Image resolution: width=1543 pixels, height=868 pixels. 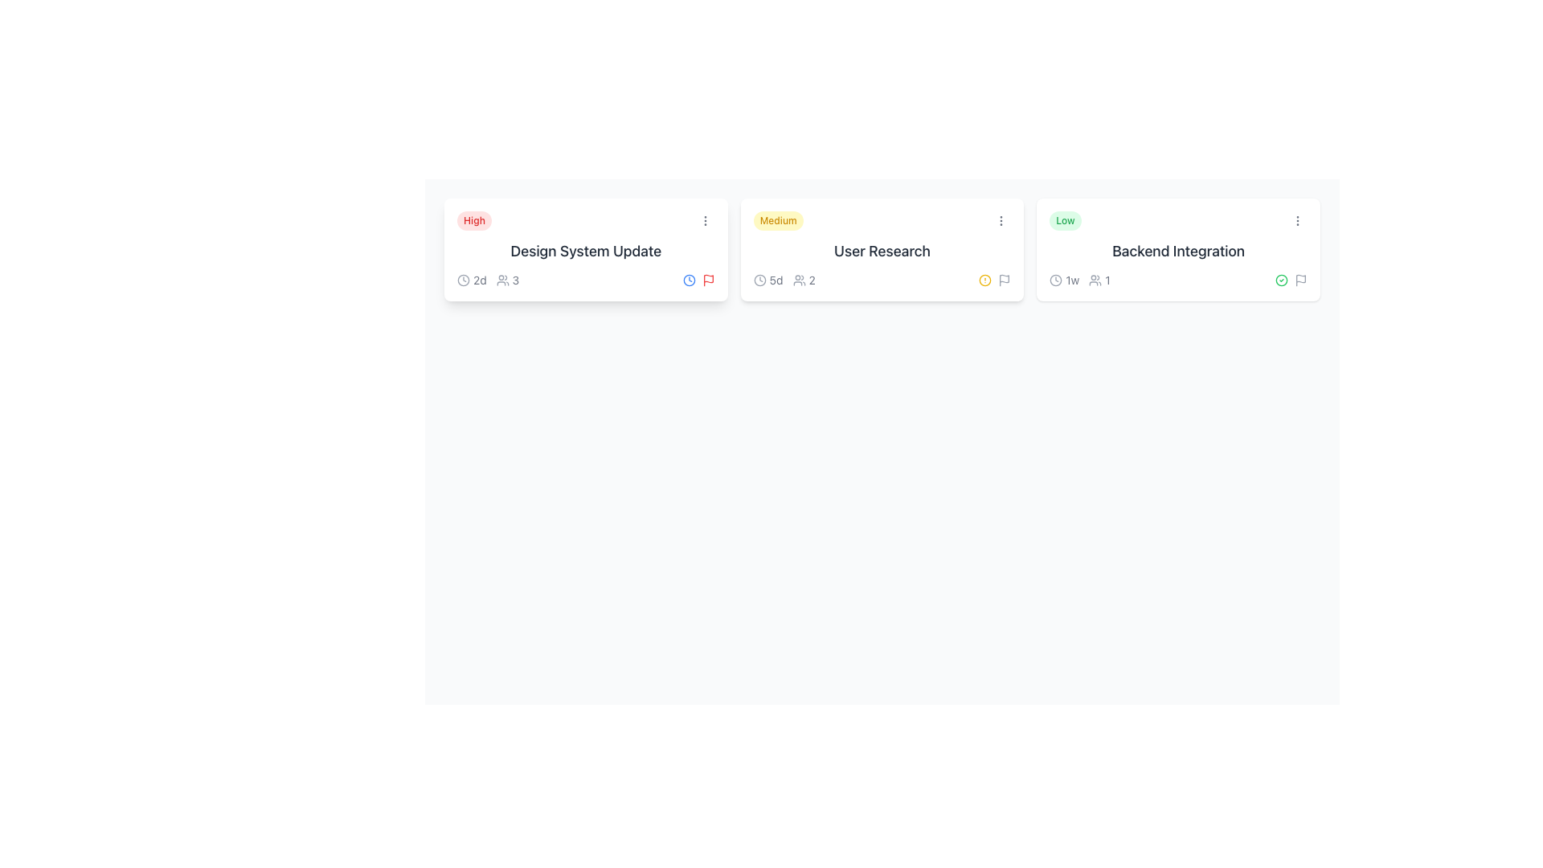 I want to click on the icon representing a group of individuals, which is a minimalist gray design located in the last card on the right, next to the number '1', so click(x=1095, y=279).